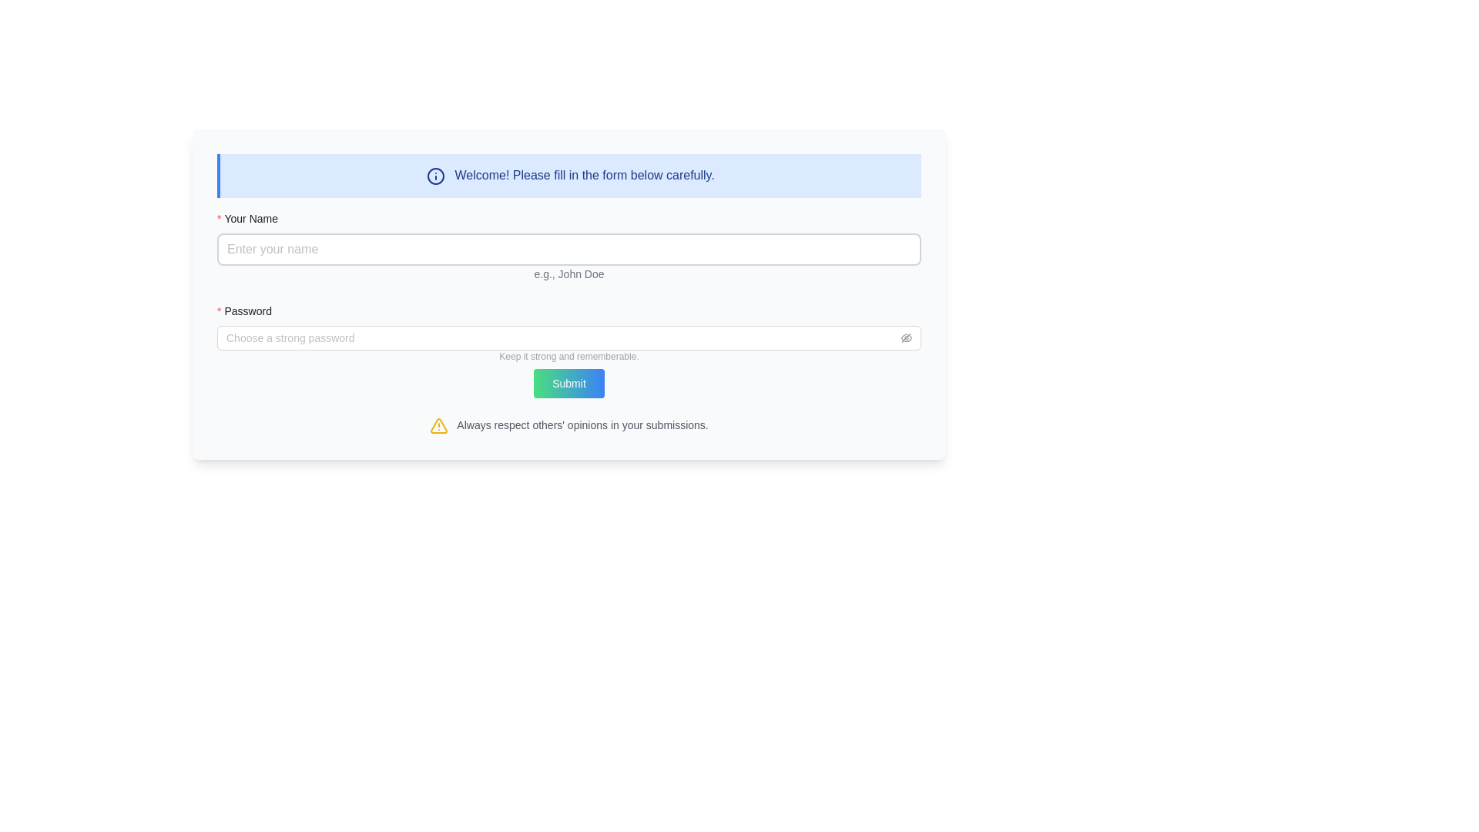  I want to click on the Icon button located inside the password input field, so click(906, 337).